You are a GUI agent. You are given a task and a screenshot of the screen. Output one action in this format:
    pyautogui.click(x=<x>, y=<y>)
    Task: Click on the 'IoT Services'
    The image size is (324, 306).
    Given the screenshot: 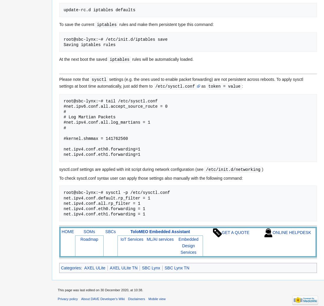 What is the action you would take?
    pyautogui.click(x=131, y=239)
    